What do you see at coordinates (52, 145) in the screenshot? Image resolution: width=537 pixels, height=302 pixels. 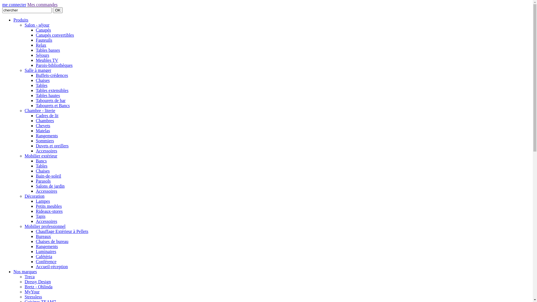 I see `'Duvets et oreillers'` at bounding box center [52, 145].